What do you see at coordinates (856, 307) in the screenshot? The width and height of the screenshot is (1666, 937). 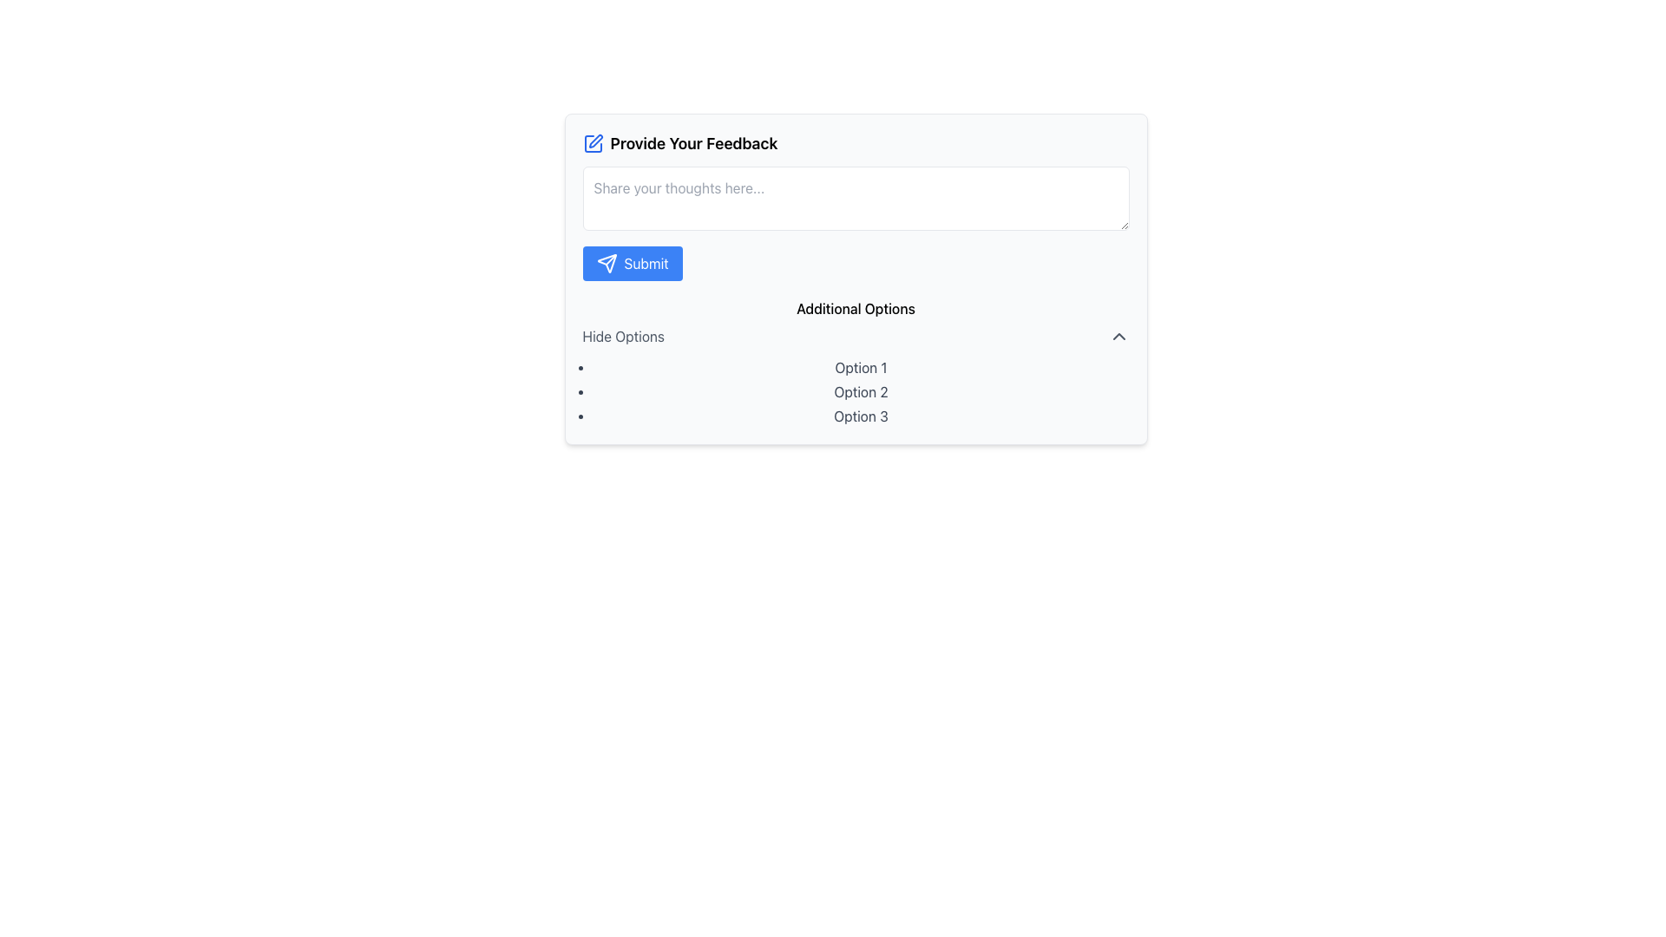 I see `the static text label or heading that serves as an informational title for the options listed below, positioned above the 'Hide Options' text` at bounding box center [856, 307].